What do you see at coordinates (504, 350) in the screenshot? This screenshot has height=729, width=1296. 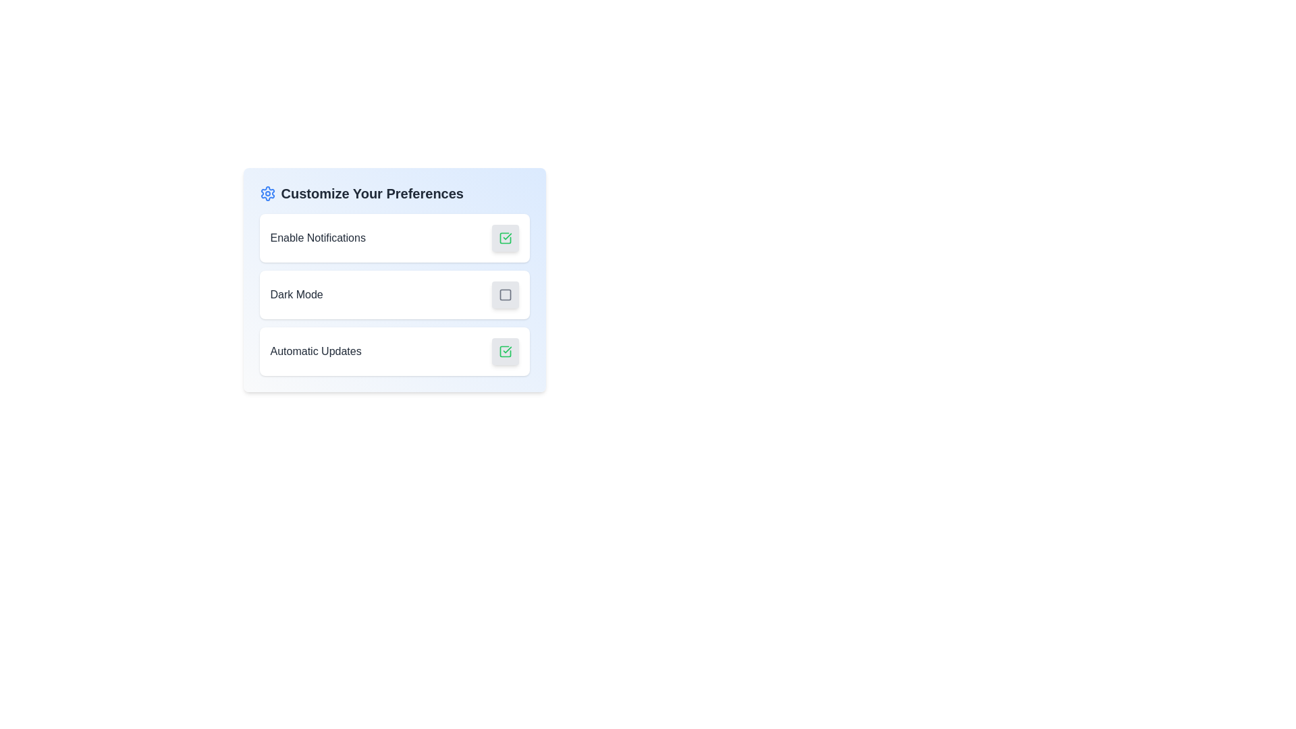 I see `the button located on the right-hand side of the 'Automatic Updates' option` at bounding box center [504, 350].